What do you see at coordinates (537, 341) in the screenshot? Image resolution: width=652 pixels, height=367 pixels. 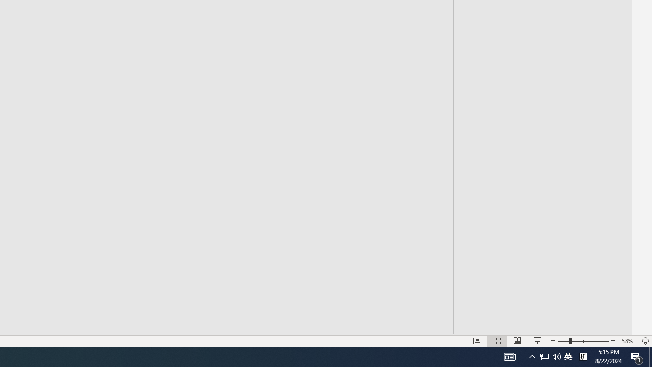 I see `'Slide Show'` at bounding box center [537, 341].